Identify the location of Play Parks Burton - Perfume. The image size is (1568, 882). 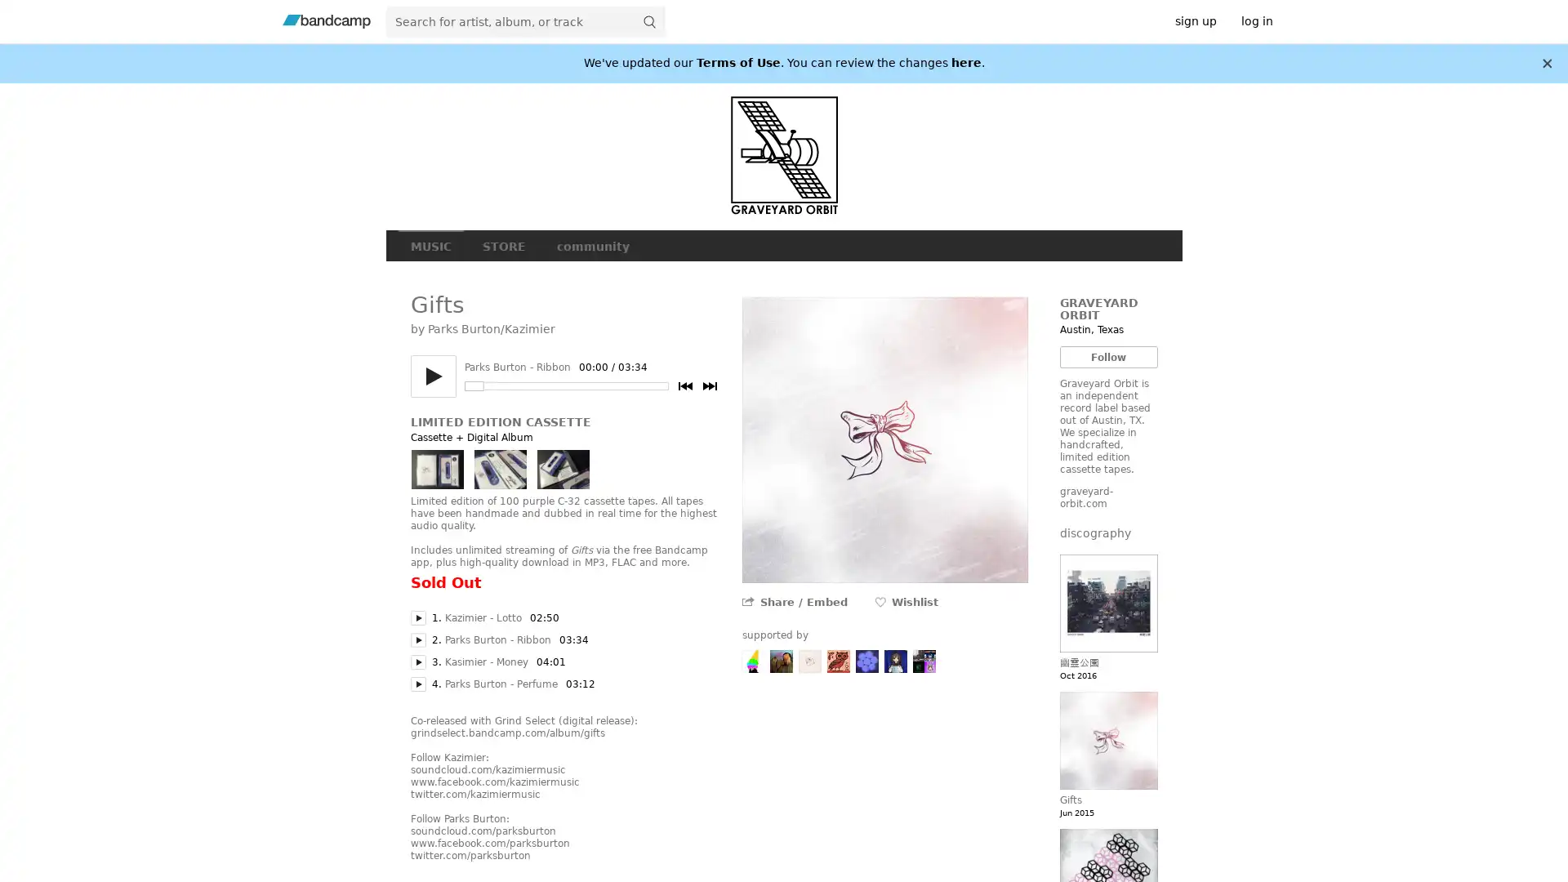
(417, 684).